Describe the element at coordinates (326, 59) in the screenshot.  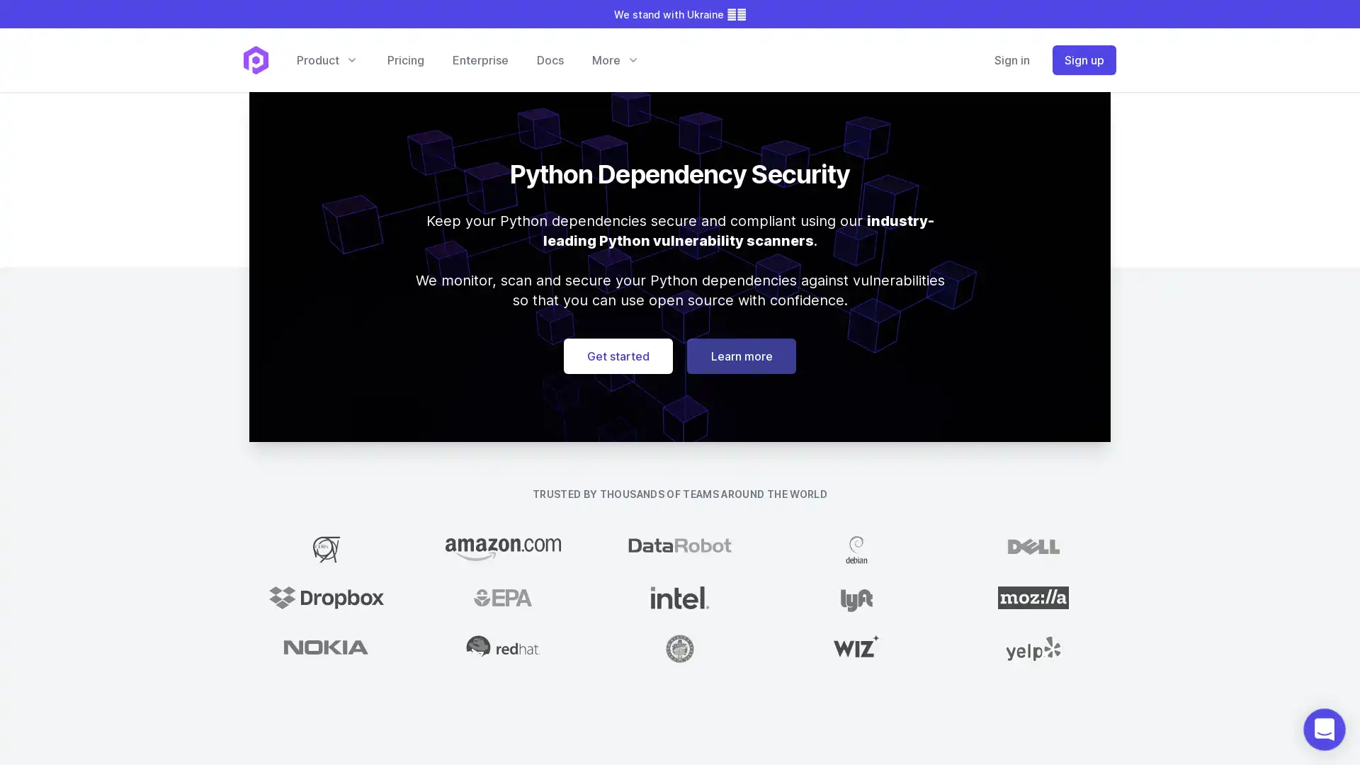
I see `Product` at that location.